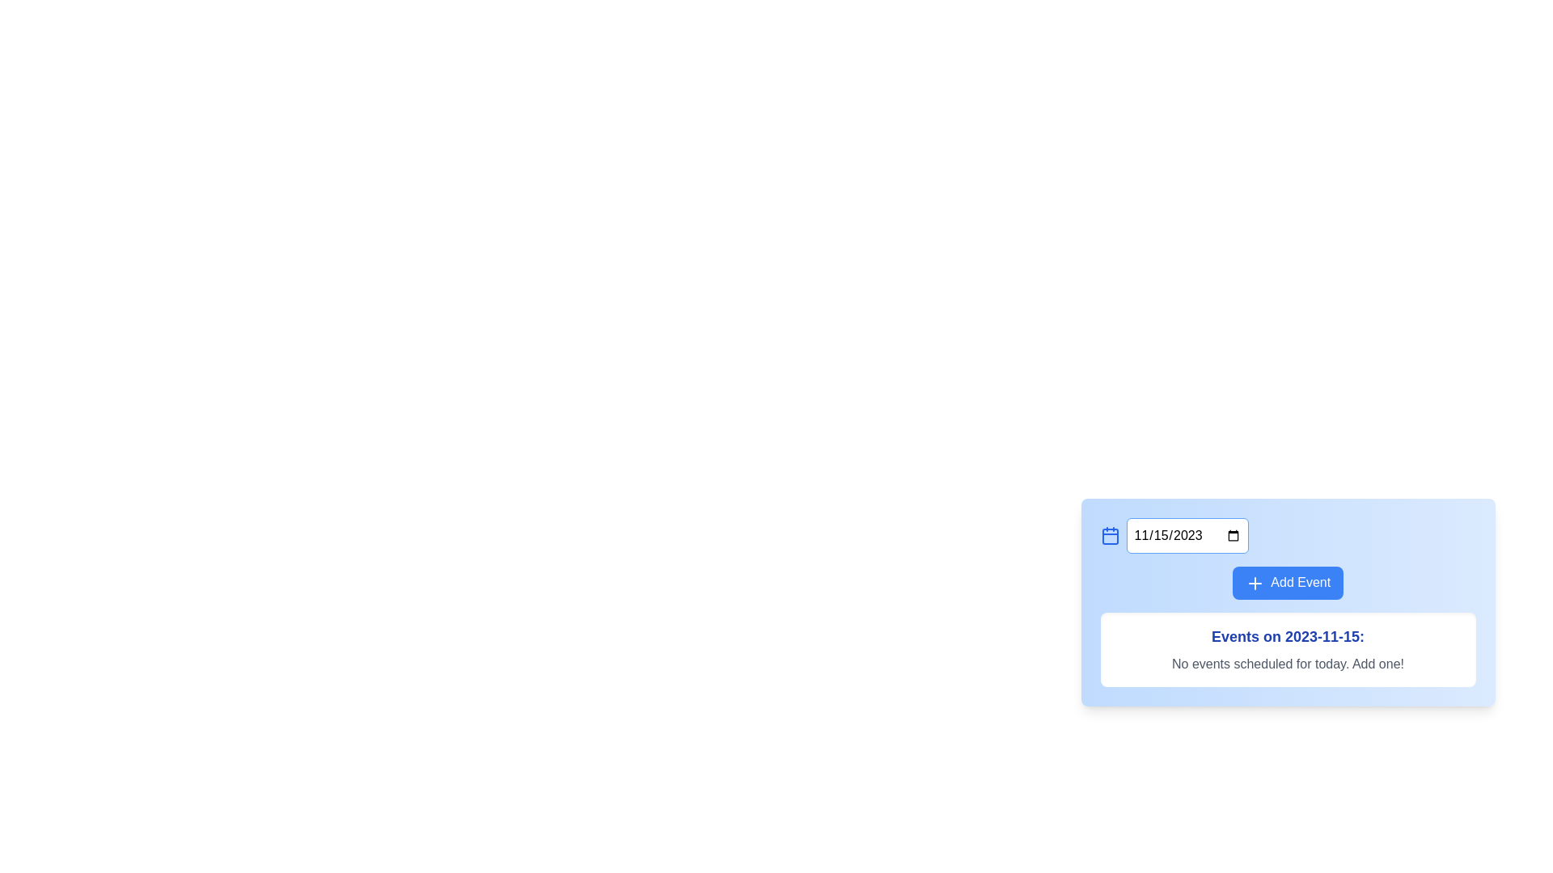 Image resolution: width=1553 pixels, height=873 pixels. I want to click on the icon that visually indicates the action associated with adding an event, which is centrally positioned within the blue rectangular button labeled 'Add Event.', so click(1254, 583).